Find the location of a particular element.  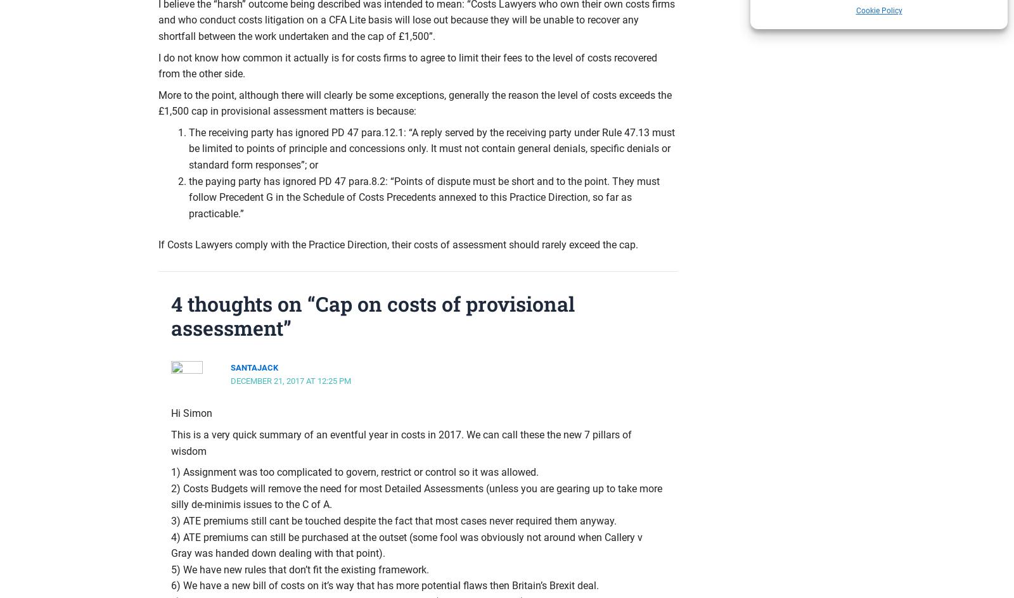

'This is a very quick summary of an eventful year in costs in 2017. We can call these the new 7 pillars of wisdom' is located at coordinates (401, 442).